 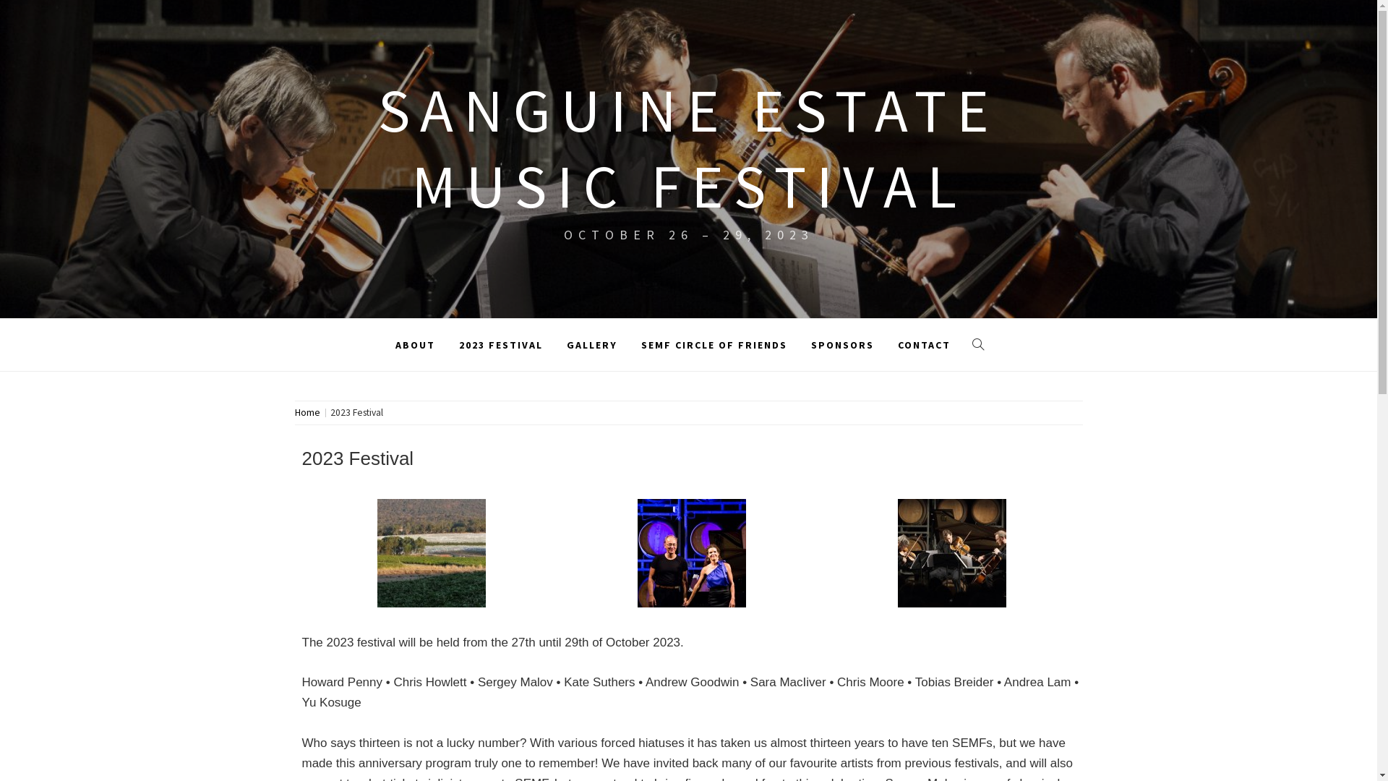 I want to click on 'ABOUT', so click(x=385, y=345).